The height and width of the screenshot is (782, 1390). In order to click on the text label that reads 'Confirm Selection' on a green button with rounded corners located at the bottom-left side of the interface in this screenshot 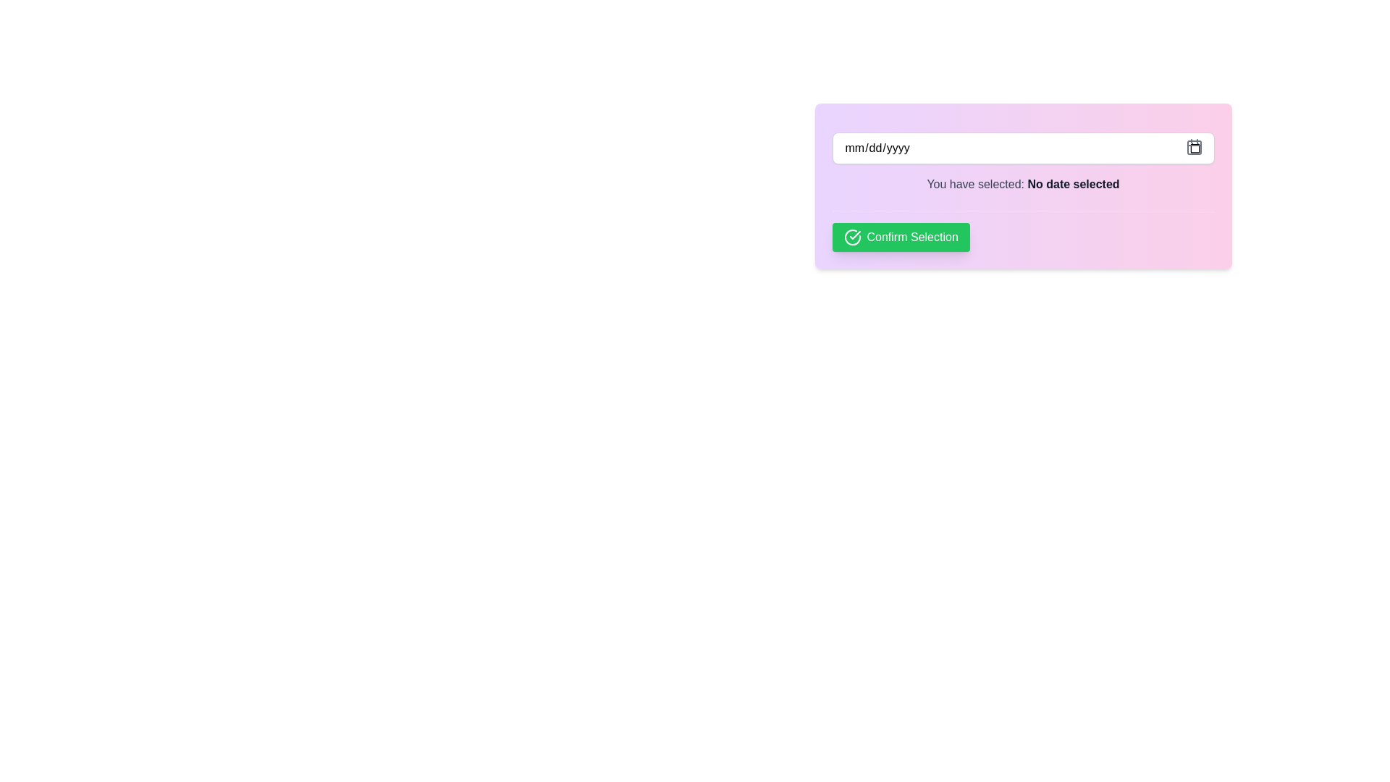, I will do `click(911, 236)`.